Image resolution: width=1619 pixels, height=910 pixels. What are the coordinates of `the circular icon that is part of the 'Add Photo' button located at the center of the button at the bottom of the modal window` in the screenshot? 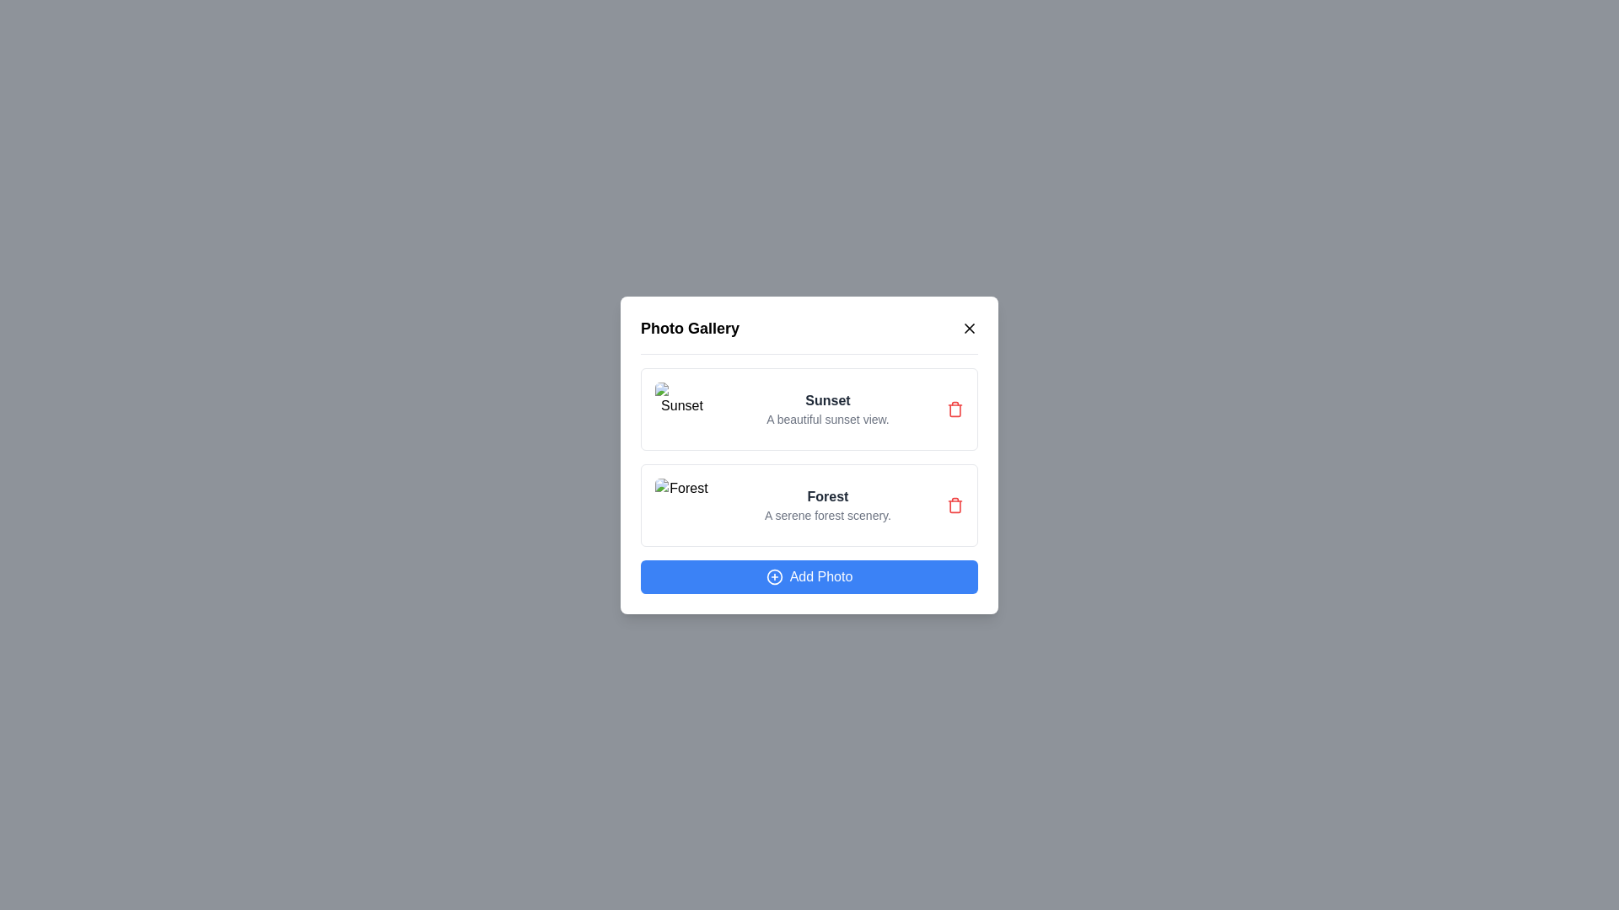 It's located at (773, 575).